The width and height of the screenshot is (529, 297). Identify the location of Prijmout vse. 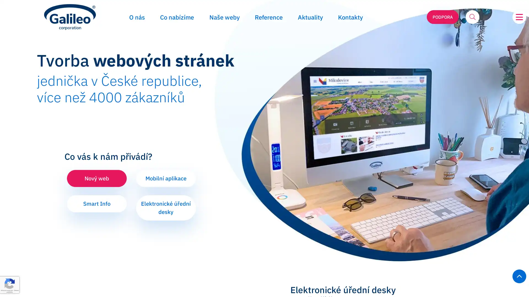
(492, 274).